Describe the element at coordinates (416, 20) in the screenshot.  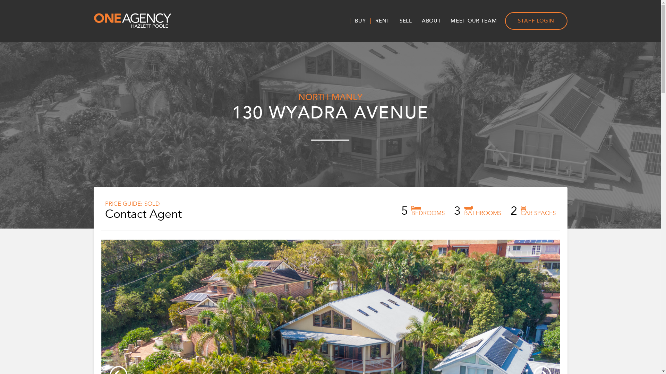
I see `'ABOUT'` at that location.